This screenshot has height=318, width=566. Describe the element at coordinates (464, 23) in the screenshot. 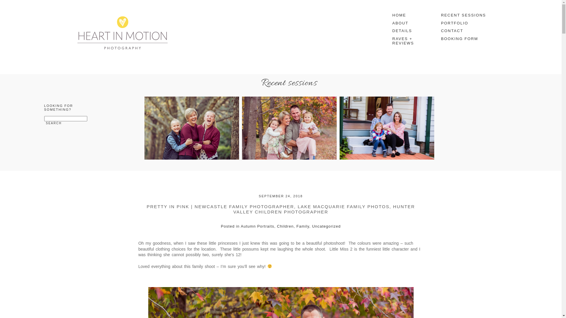

I see `'PORTFOLIO'` at that location.